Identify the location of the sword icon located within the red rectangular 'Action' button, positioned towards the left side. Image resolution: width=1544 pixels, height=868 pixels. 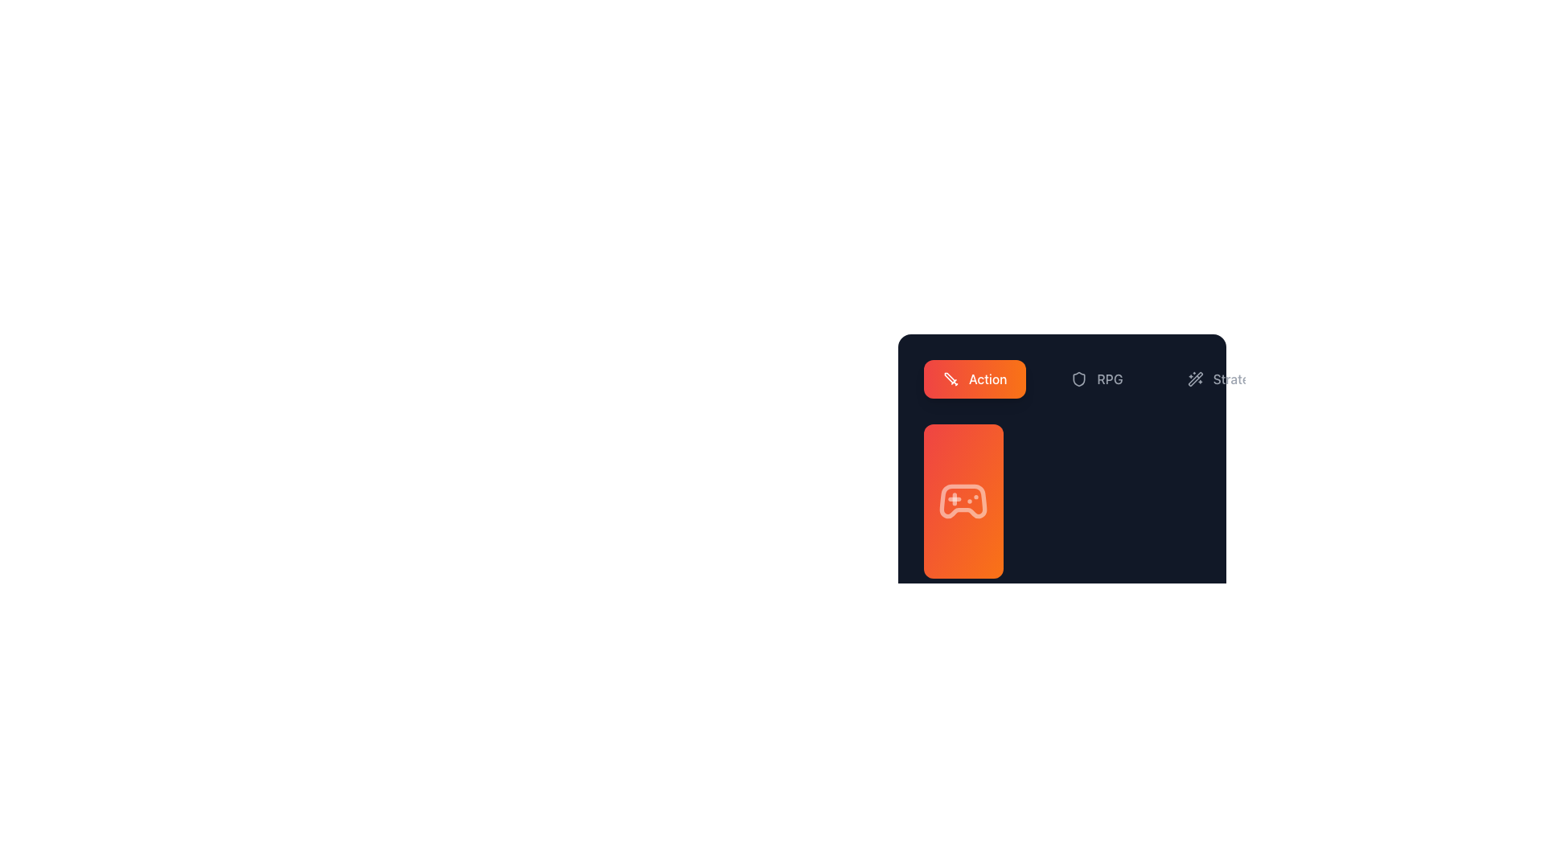
(951, 379).